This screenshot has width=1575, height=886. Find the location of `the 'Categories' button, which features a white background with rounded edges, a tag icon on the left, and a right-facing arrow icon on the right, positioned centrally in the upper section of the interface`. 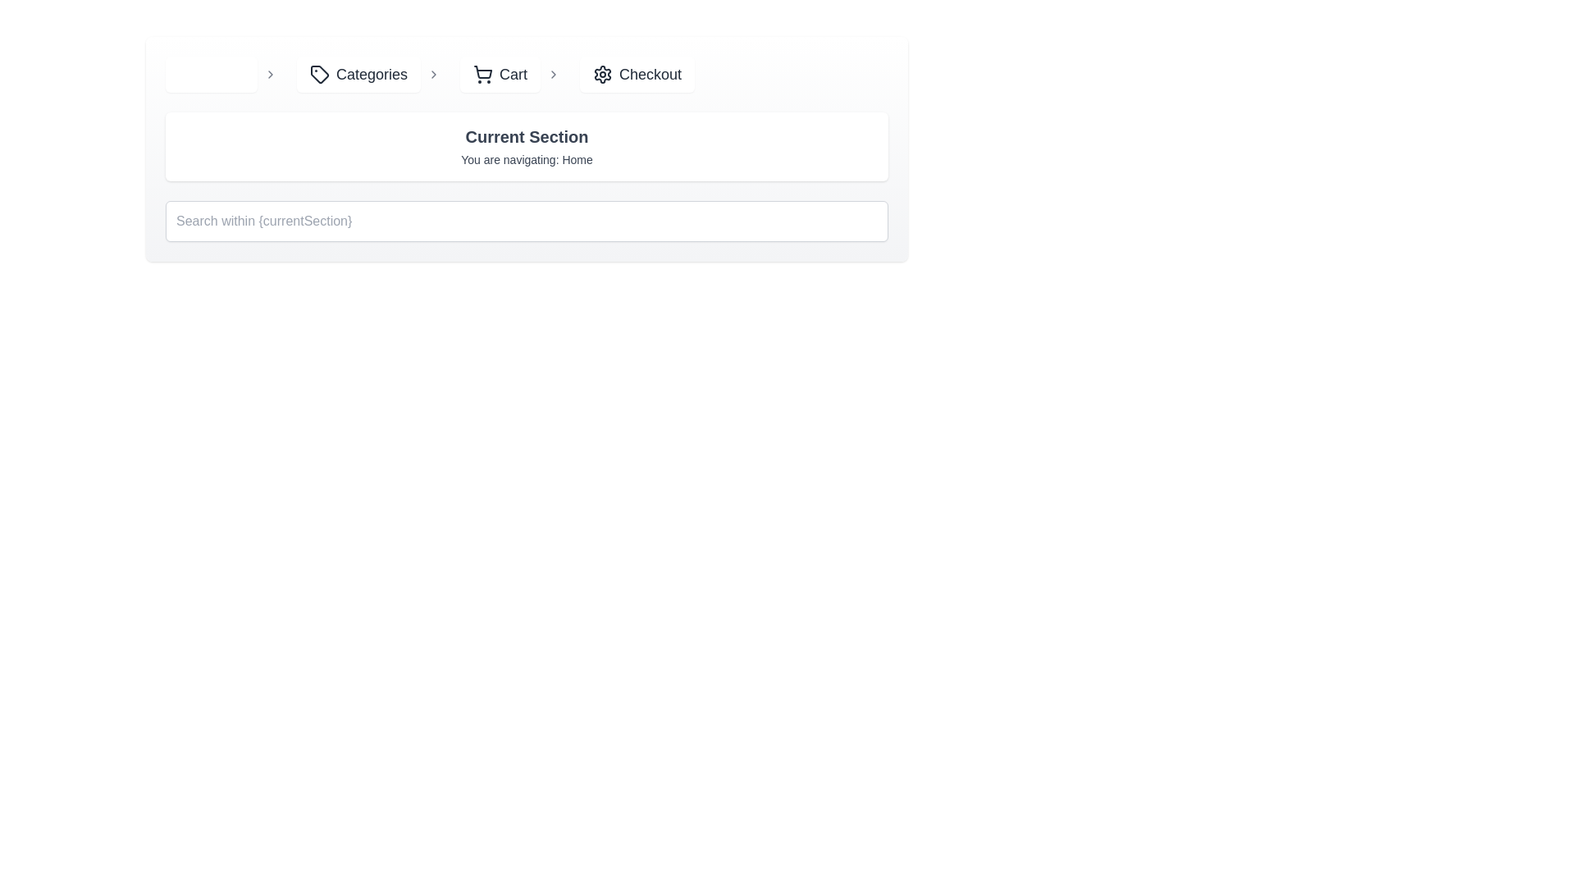

the 'Categories' button, which features a white background with rounded edges, a tag icon on the left, and a right-facing arrow icon on the right, positioned centrally in the upper section of the interface is located at coordinates (371, 75).